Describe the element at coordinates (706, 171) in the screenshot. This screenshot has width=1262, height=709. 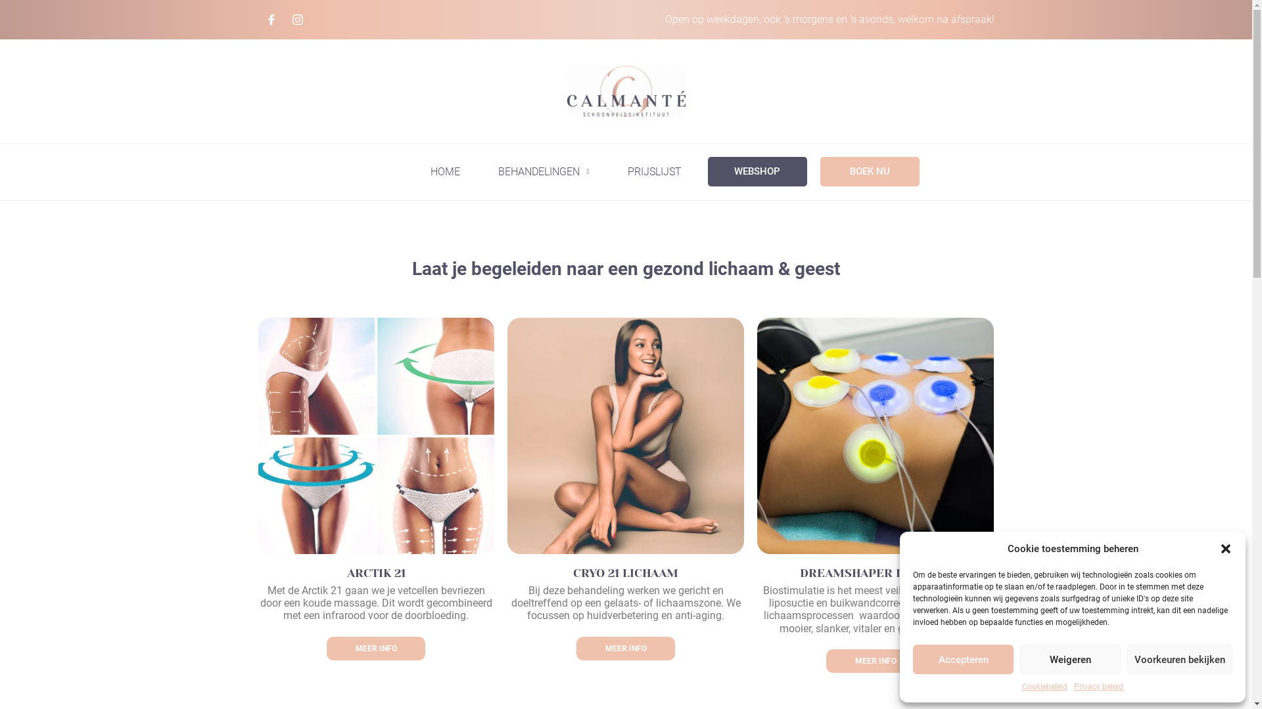
I see `'WEBSHOP'` at that location.